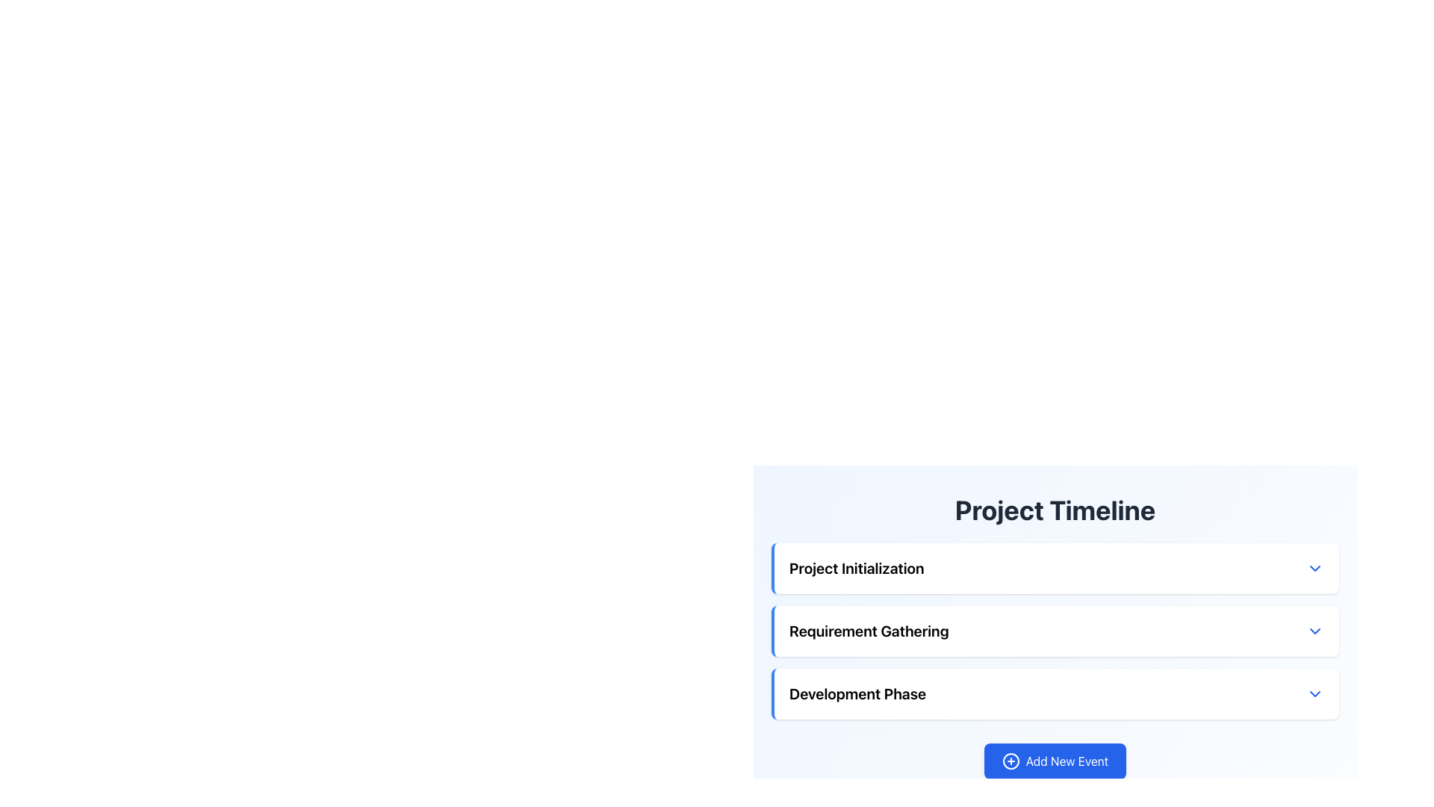  I want to click on the dropdown toggle button located at the top-right corner of the 'Project Initialization' section header, so click(1315, 568).